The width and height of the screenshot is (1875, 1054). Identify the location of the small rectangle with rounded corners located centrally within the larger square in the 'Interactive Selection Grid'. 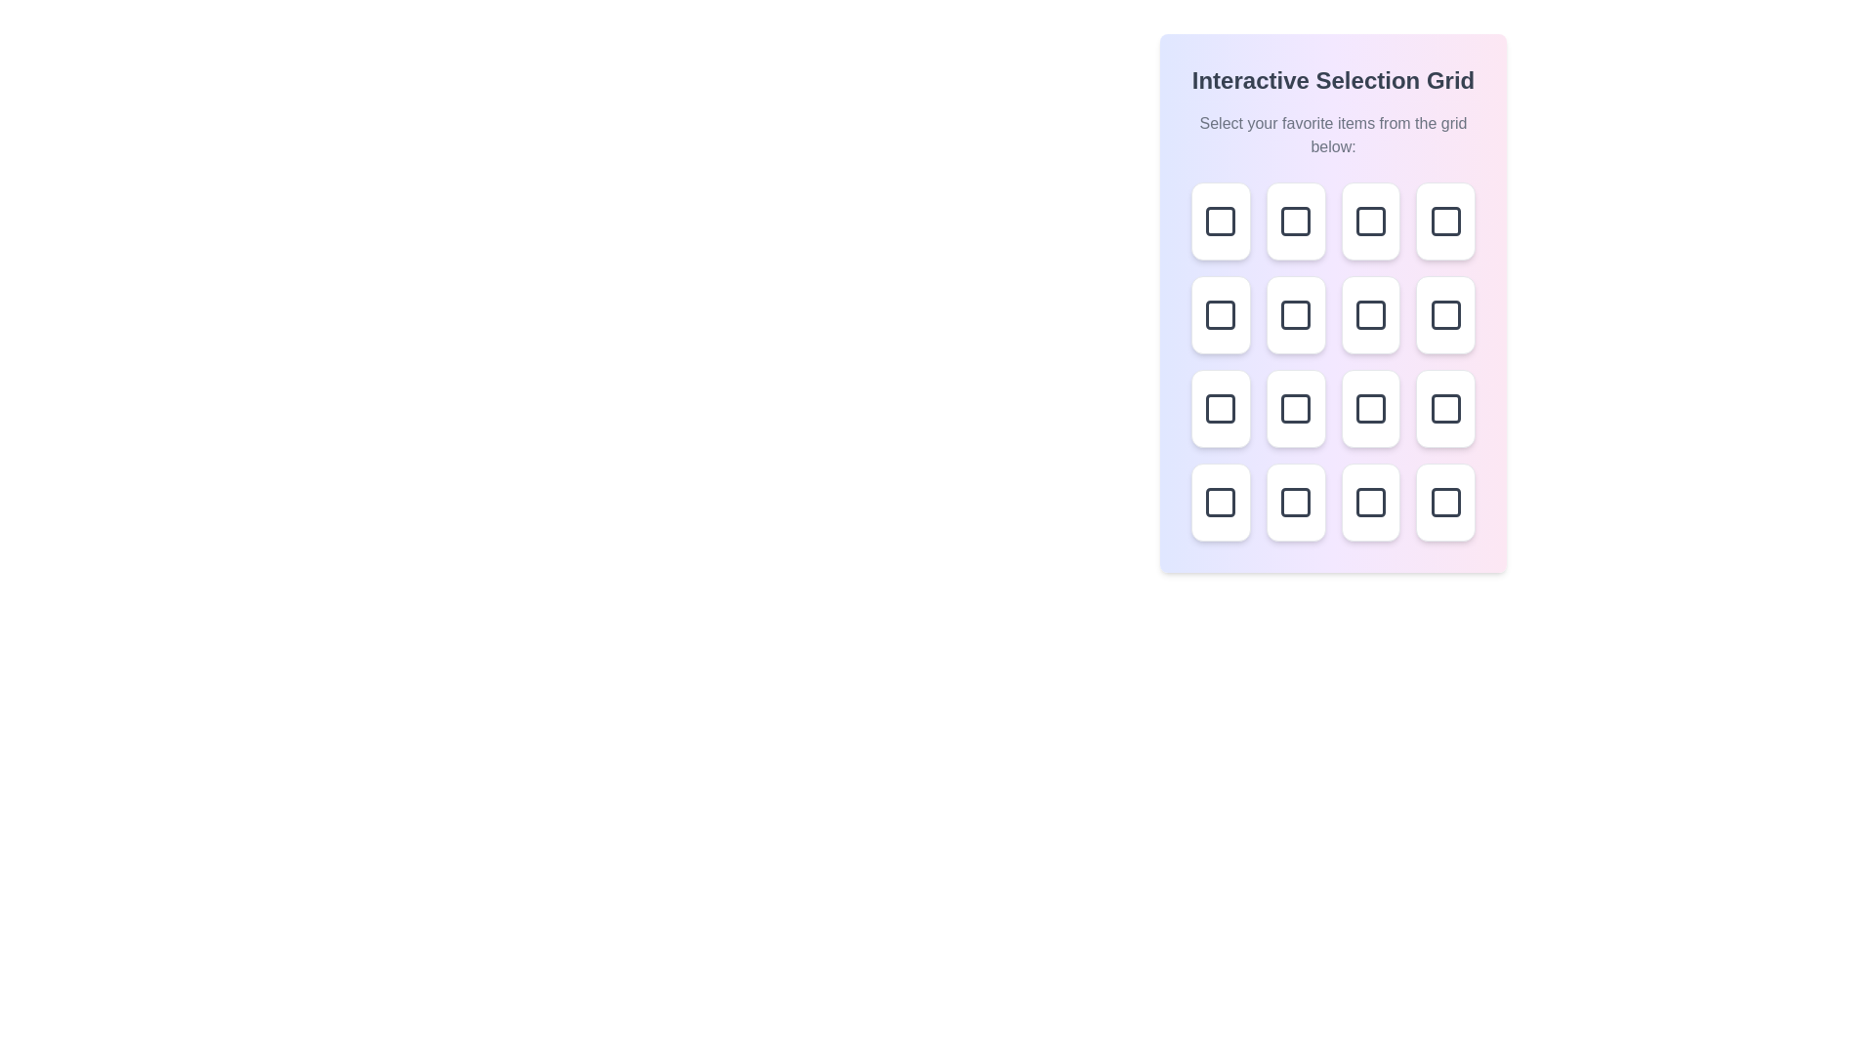
(1296, 314).